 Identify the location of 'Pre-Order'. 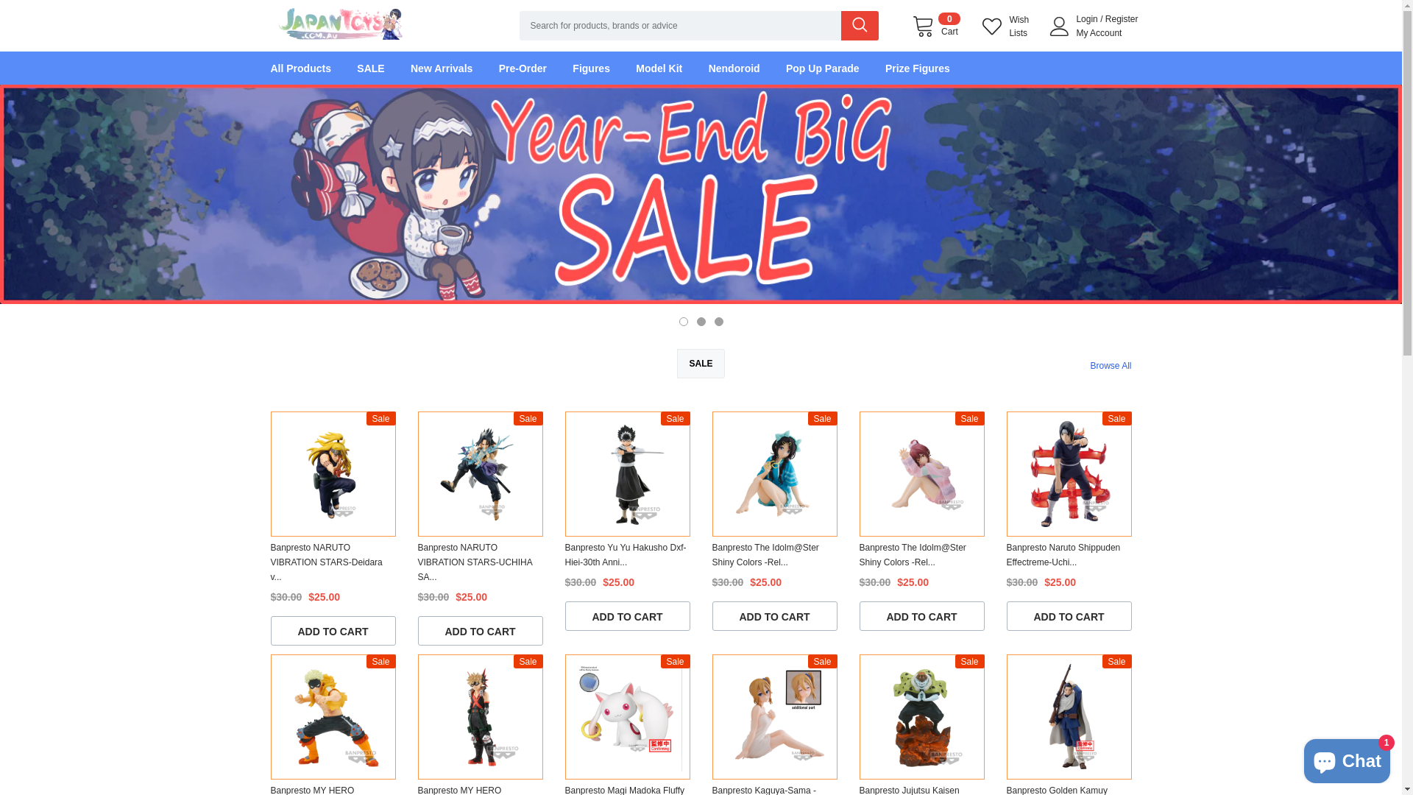
(534, 68).